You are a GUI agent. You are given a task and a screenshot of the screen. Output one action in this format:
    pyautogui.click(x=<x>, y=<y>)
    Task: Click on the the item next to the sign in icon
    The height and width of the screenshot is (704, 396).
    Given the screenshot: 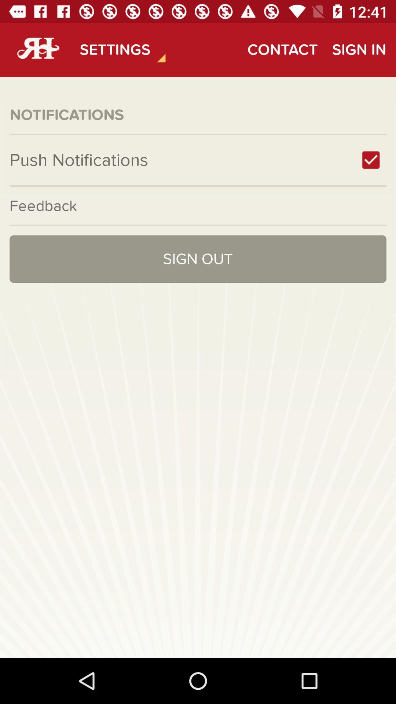 What is the action you would take?
    pyautogui.click(x=282, y=49)
    